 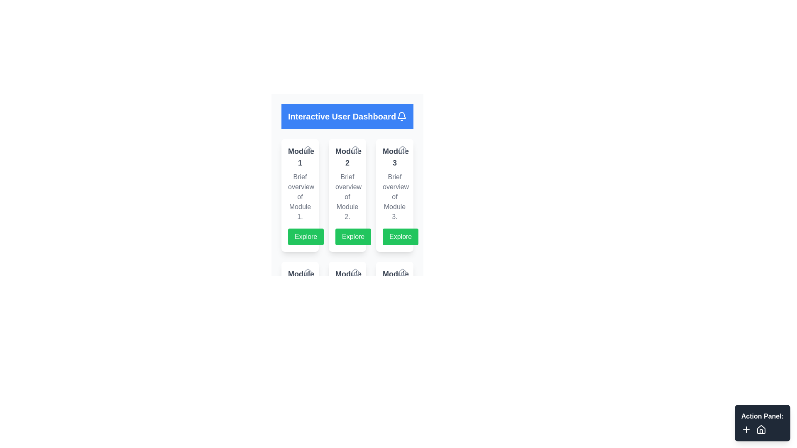 I want to click on the graphic icon representing a house, located at the top-right of the interface, so click(x=308, y=272).